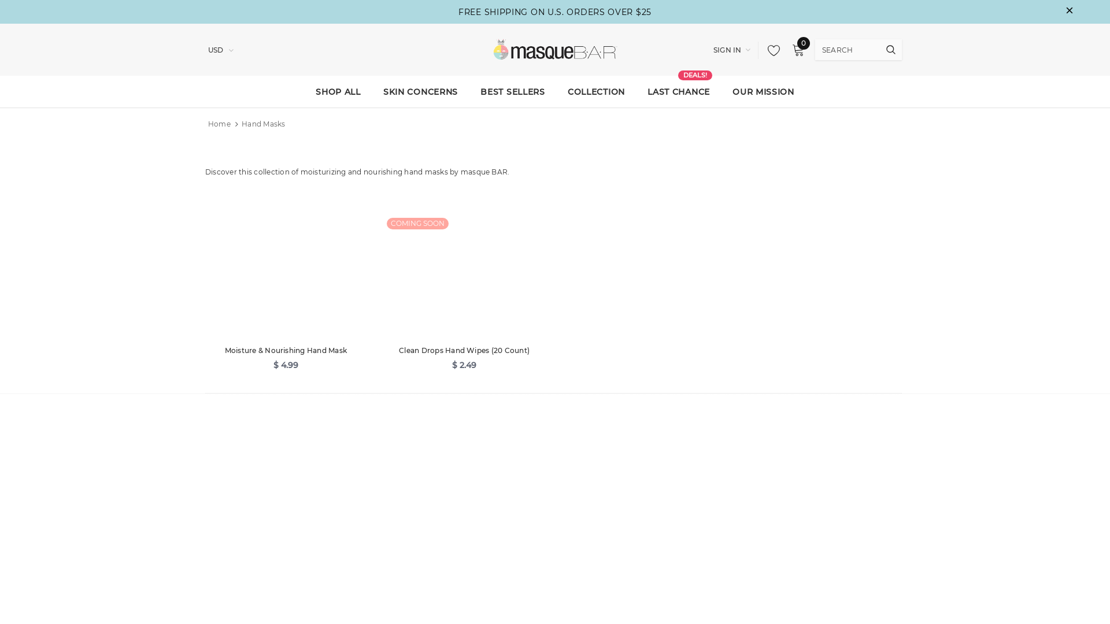 This screenshot has height=624, width=1110. Describe the element at coordinates (679, 91) in the screenshot. I see `'LAST CHANCE` at that location.